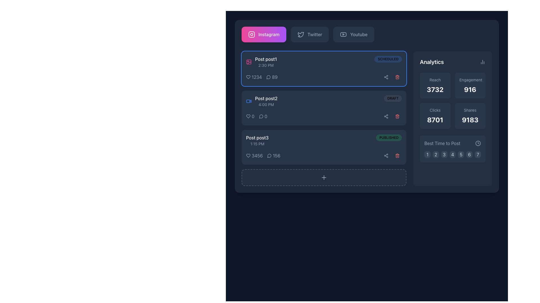 The height and width of the screenshot is (303, 540). Describe the element at coordinates (386, 77) in the screenshot. I see `the Icon button located in the top-right section of the first post item` at that location.